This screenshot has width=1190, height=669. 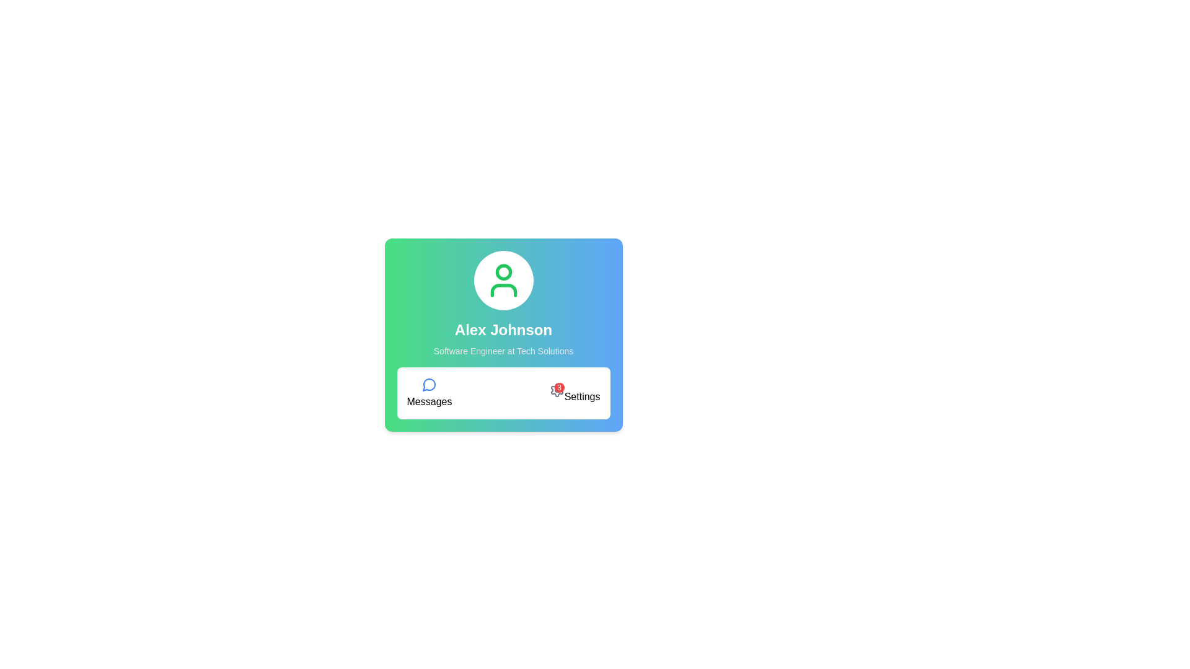 What do you see at coordinates (429, 393) in the screenshot?
I see `the button located on the left side of the horizontal layout, next to the 'Settings' section` at bounding box center [429, 393].